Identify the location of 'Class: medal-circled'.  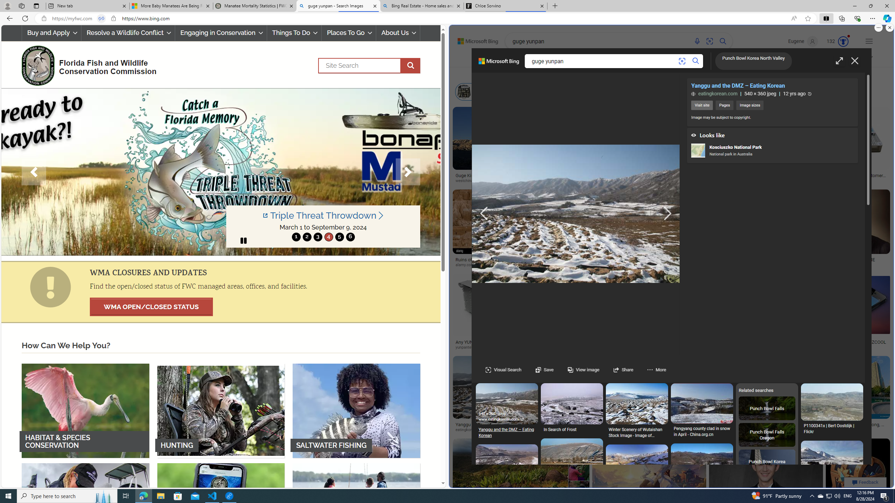
(843, 41).